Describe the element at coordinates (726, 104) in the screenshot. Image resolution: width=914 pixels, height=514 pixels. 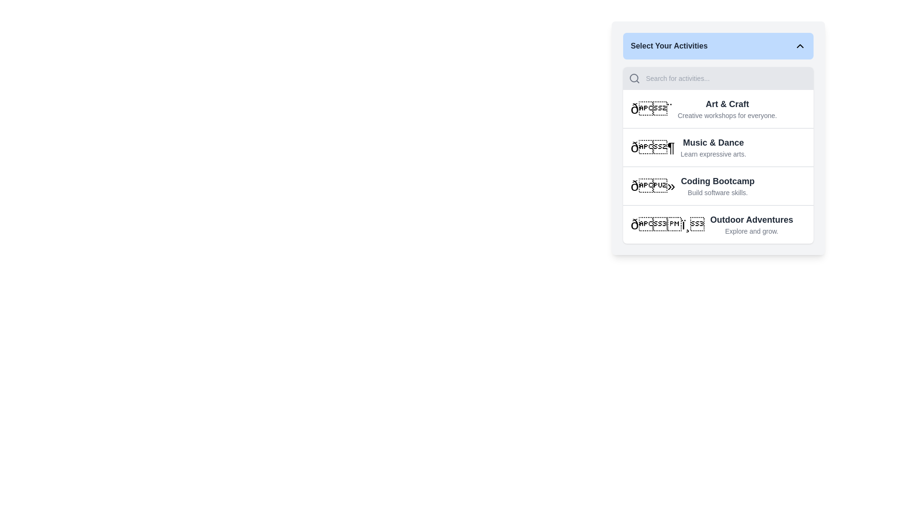
I see `the Title Text of the 'Art & Craft' activity section in the 'Select Your Activities' panel` at that location.